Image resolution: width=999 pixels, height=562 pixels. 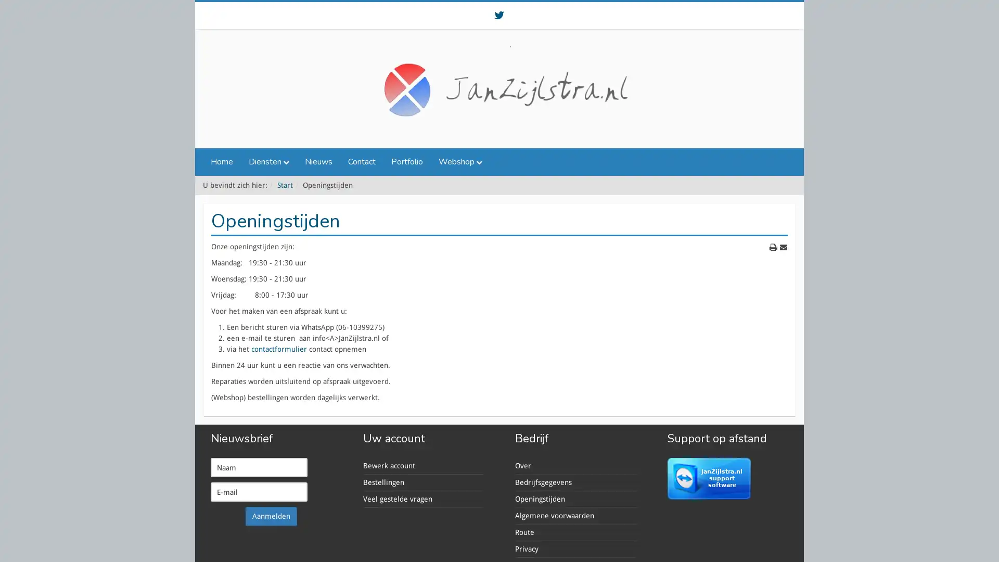 I want to click on Aanmelden, so click(x=271, y=516).